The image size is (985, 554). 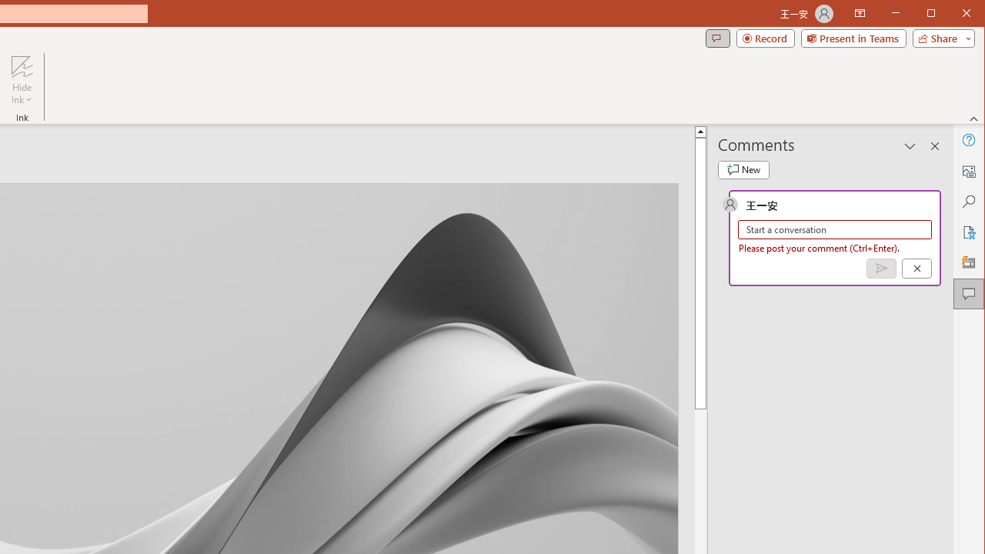 What do you see at coordinates (881, 268) in the screenshot?
I see `'Post comment (Ctrl + Enter)'` at bounding box center [881, 268].